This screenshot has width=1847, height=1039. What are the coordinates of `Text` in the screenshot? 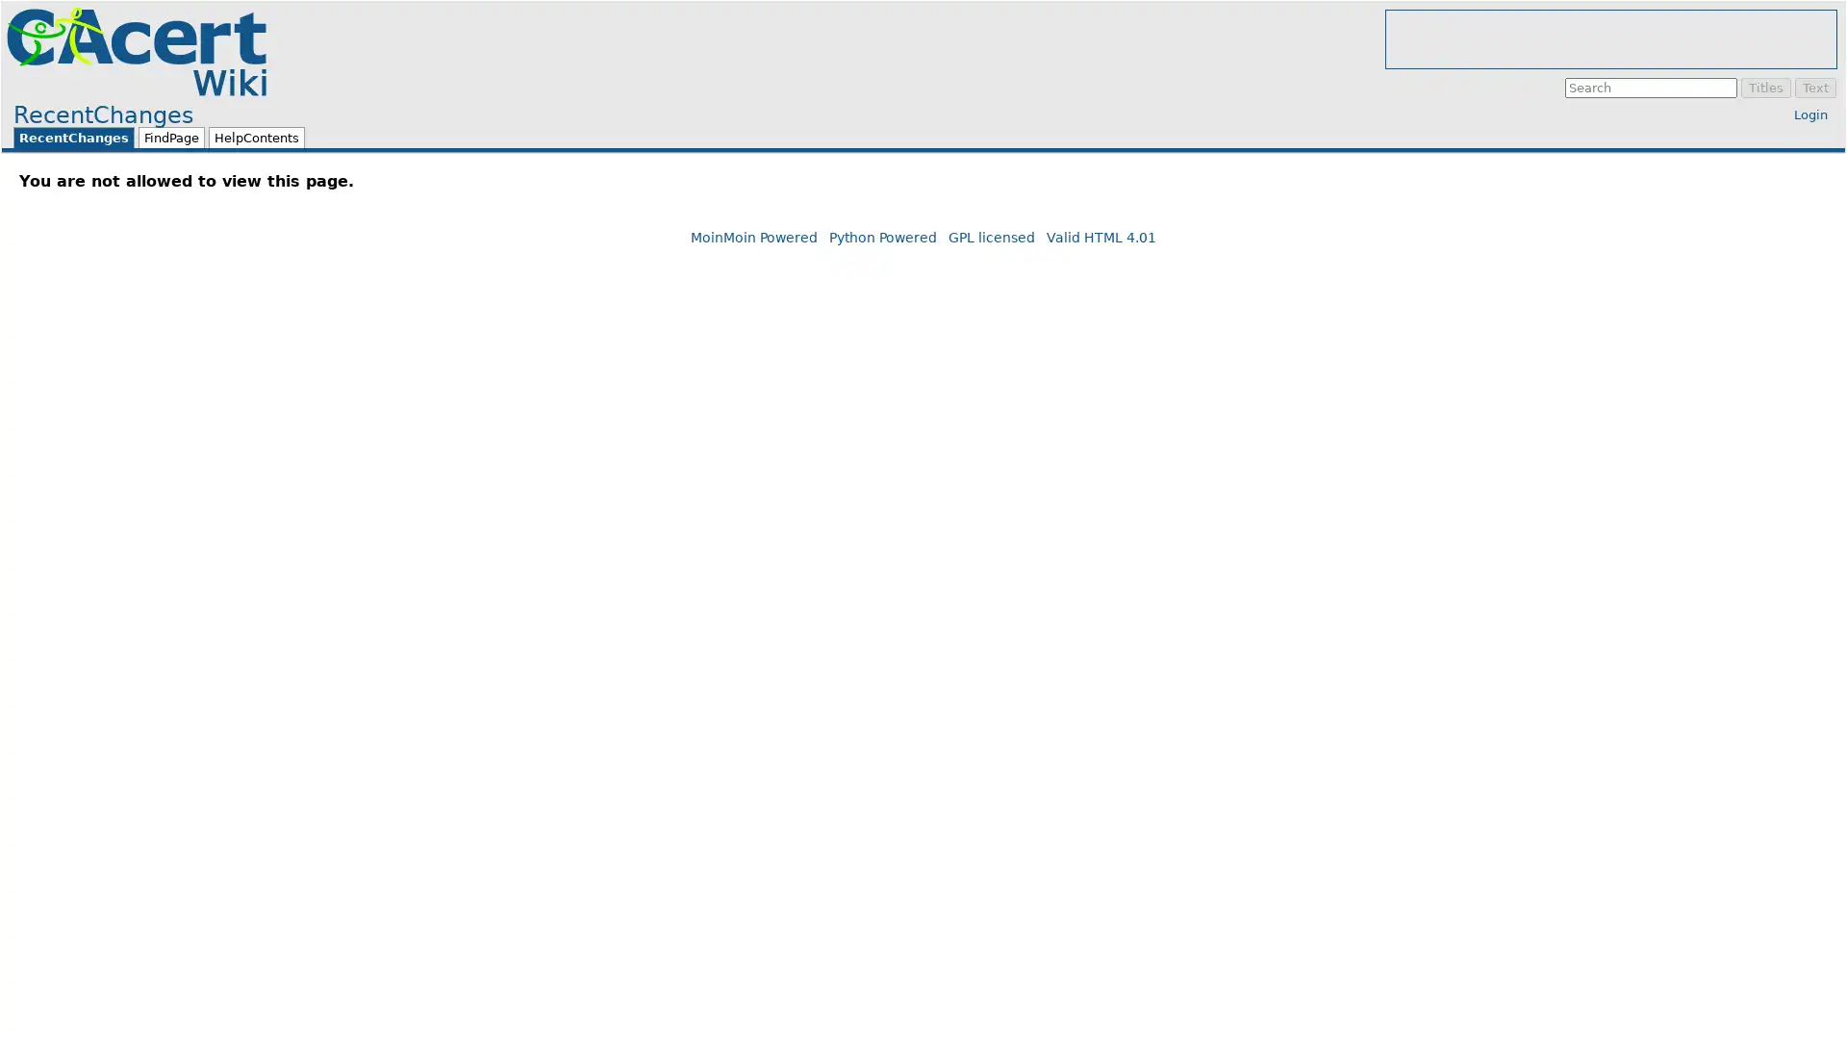 It's located at (1814, 88).